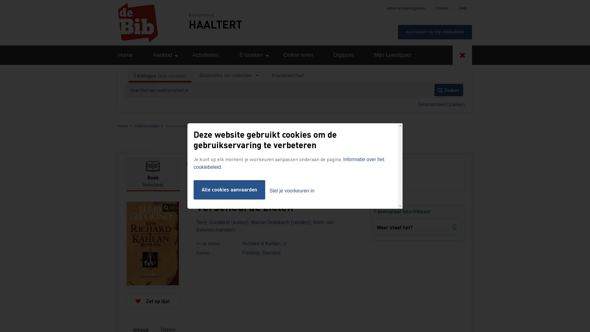  Describe the element at coordinates (343, 55) in the screenshot. I see `'Digipunt'` at that location.